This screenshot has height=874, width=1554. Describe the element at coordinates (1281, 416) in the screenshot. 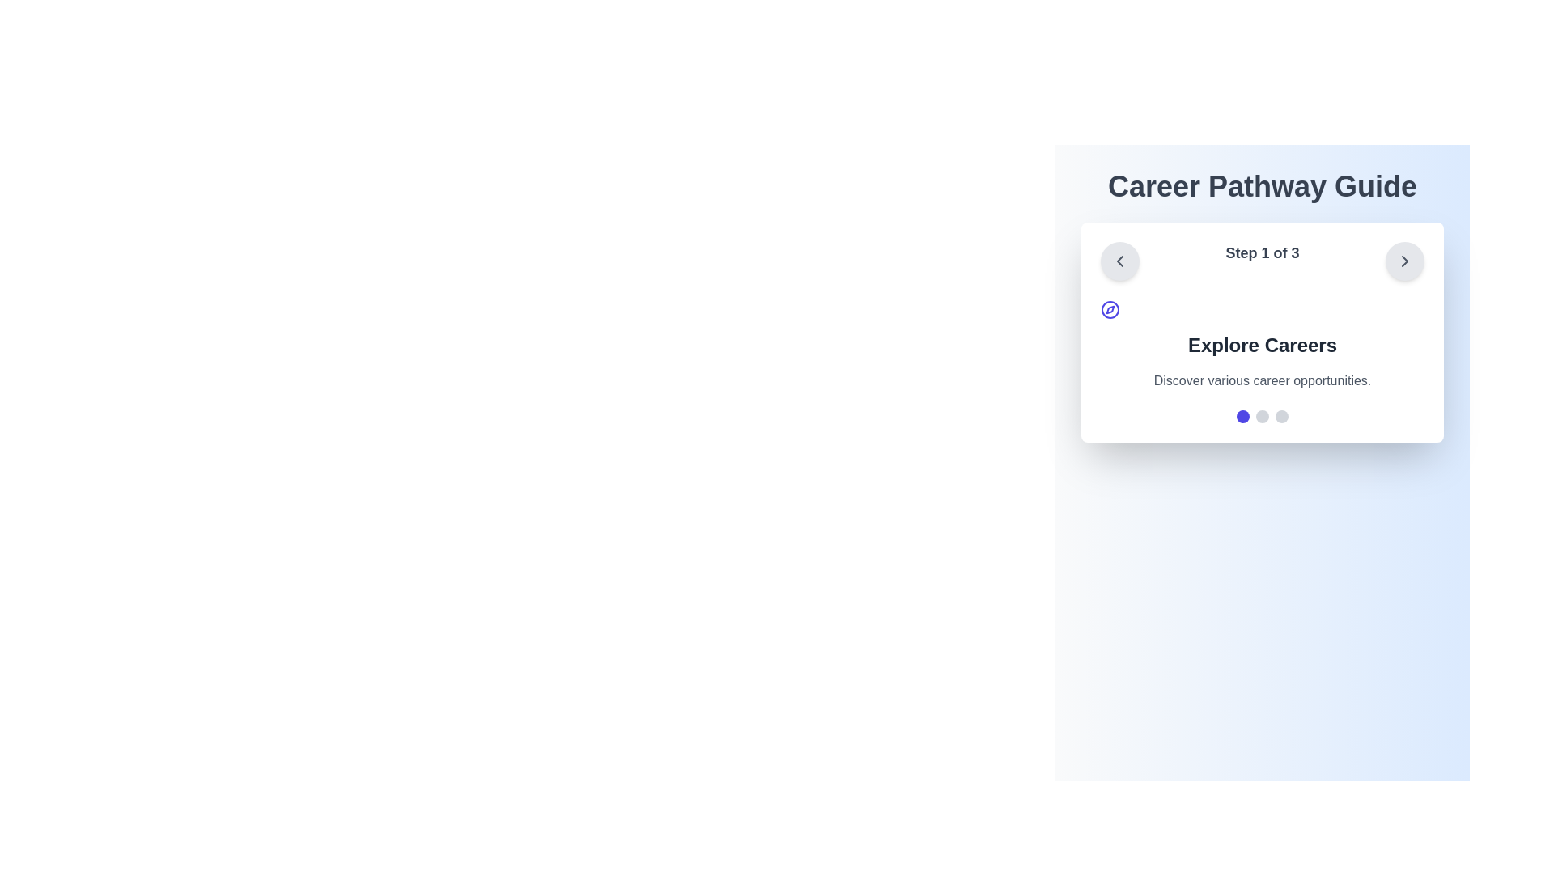

I see `the third circular step indicator button located below the text 'Explore Careers' in the center of the card` at that location.